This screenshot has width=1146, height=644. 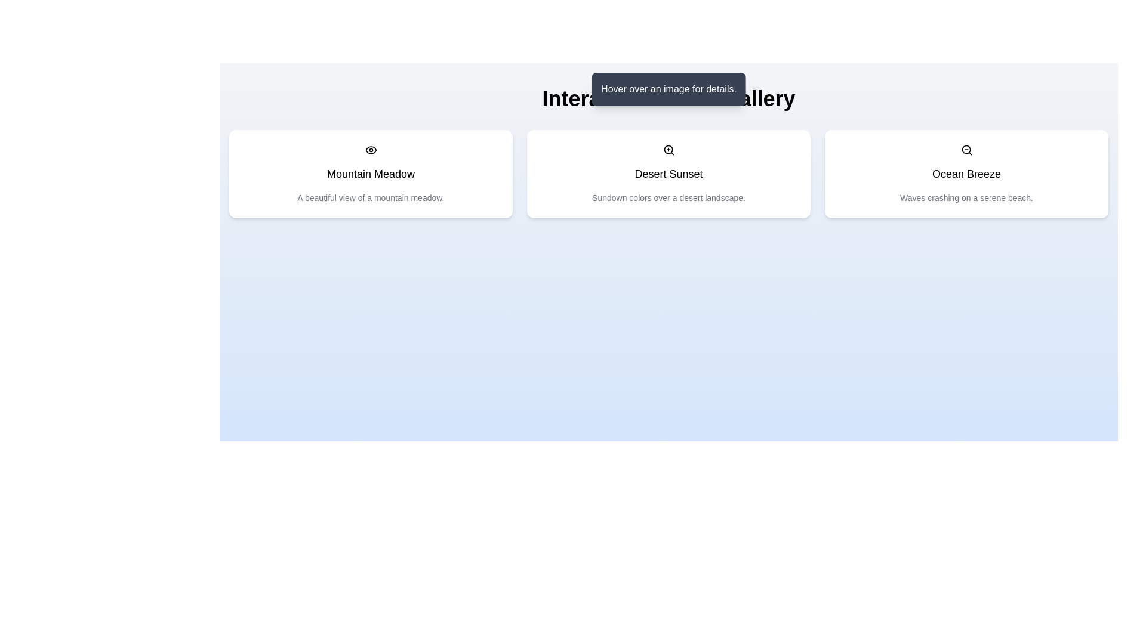 I want to click on the circular shape within the zoom-in icon, which features a plus sign, located above the 'Desert Sunset' card in the application's layout, so click(x=667, y=149).